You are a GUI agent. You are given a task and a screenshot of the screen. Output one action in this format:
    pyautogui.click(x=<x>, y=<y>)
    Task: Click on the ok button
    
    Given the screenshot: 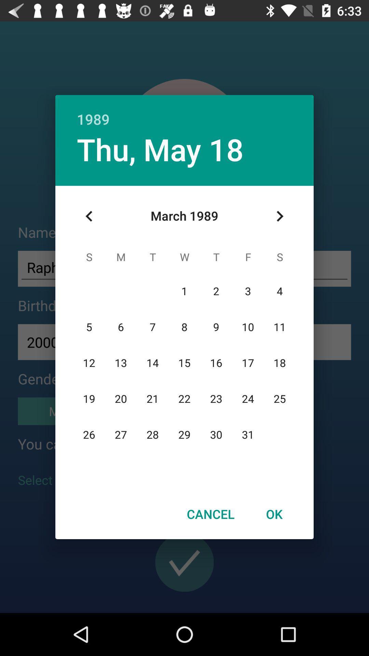 What is the action you would take?
    pyautogui.click(x=274, y=514)
    